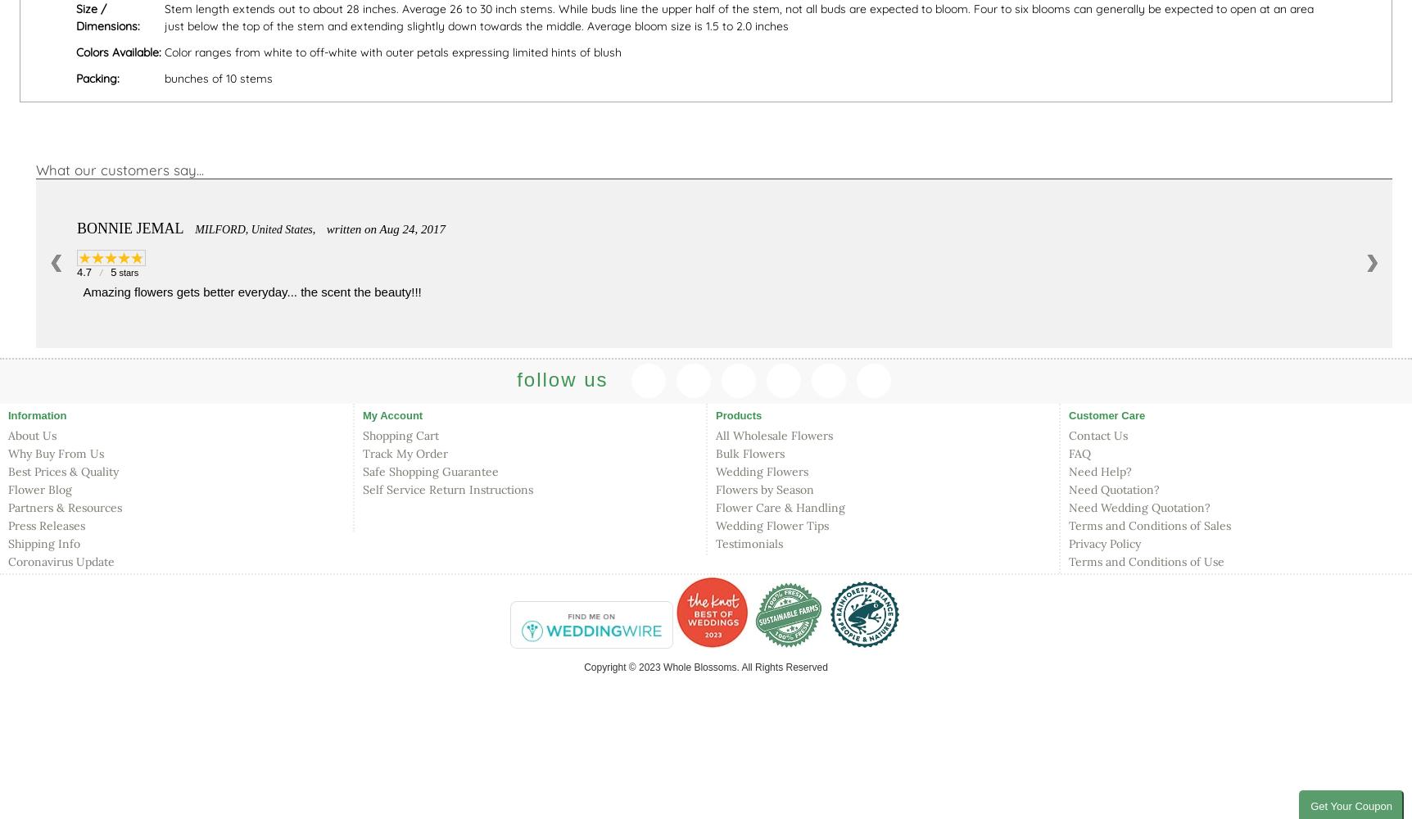  I want to click on 'Best Prices & Quality', so click(62, 471).